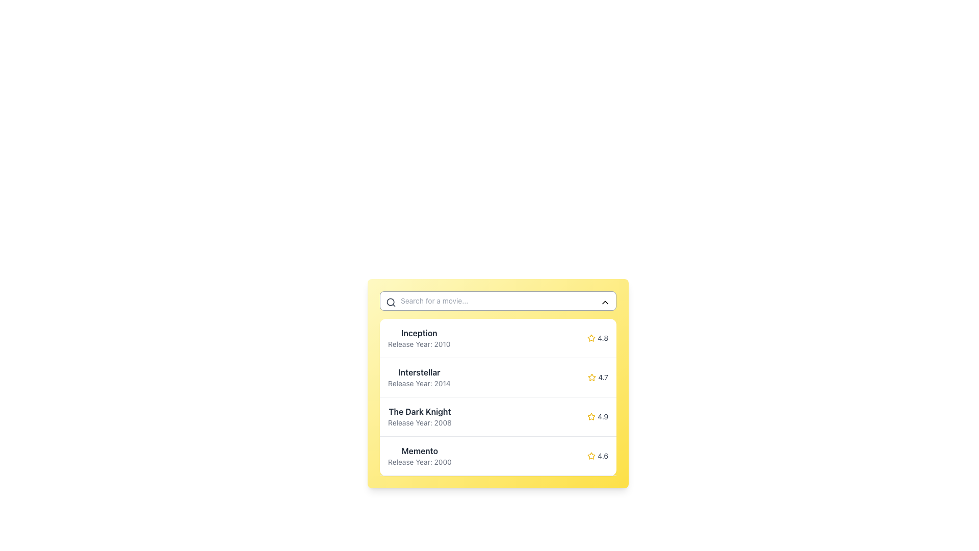 The width and height of the screenshot is (979, 551). What do you see at coordinates (419, 333) in the screenshot?
I see `the Text Label displaying the title of the movie 'Inception', which is located in the first card of the movie list above the text 'Release Year: 2010'` at bounding box center [419, 333].